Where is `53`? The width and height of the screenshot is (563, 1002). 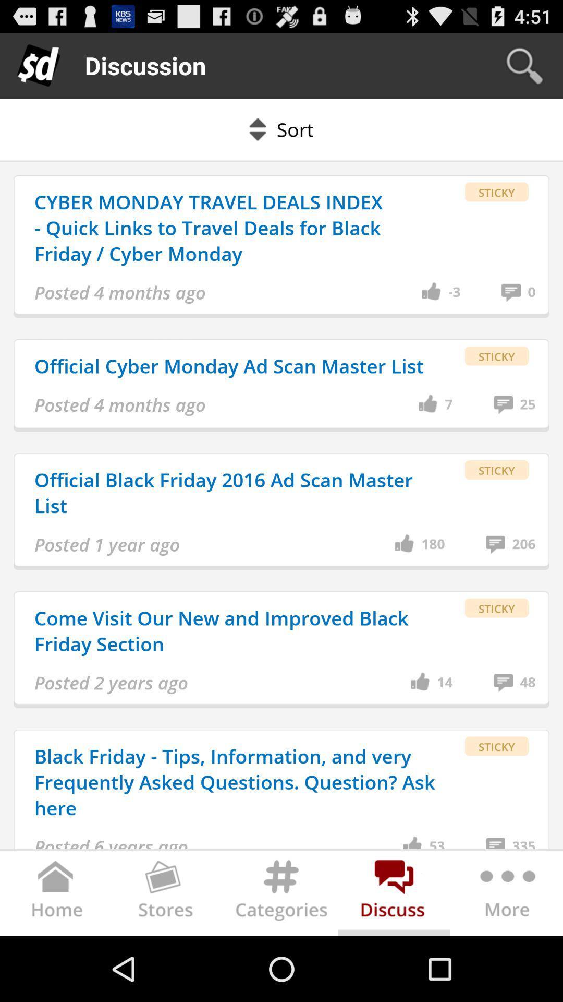 53 is located at coordinates (437, 842).